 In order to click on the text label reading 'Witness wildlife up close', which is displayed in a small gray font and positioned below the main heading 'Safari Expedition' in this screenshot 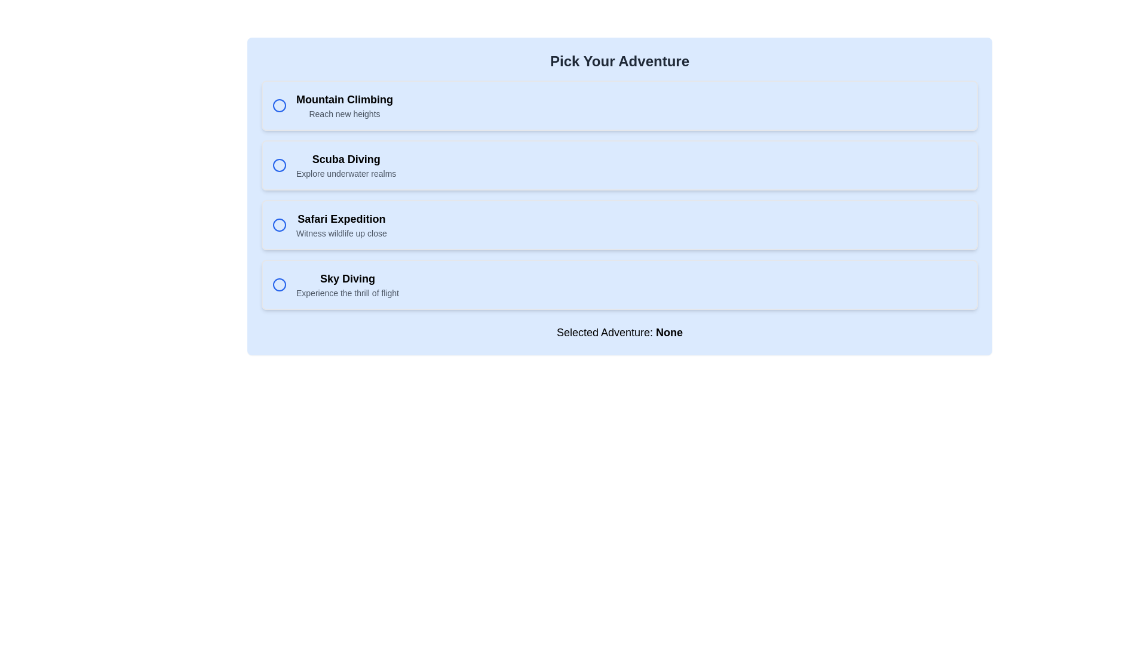, I will do `click(341, 233)`.